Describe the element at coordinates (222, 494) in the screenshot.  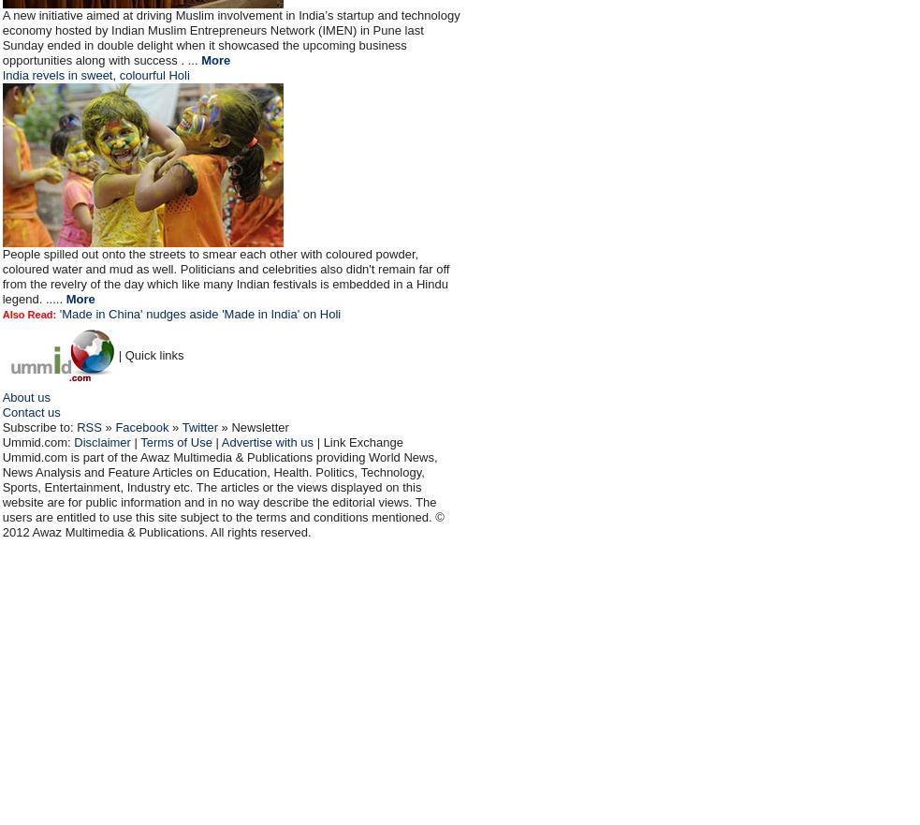
I see `'Ummid.com is part of the Awaz Multimedia & Publications providing World News, News Analysis and Feature Articles on Education, Health. Politics, Technology, Sports, Entertainment, Industry etc. The articles or the views displayed on this website are for public information and in no way describe the editorial views. The users are entitled to use this site subject to the terms and conditions mentioned.
© 2012 Awaz Multimedia & Publications. All rights reserved.'` at that location.